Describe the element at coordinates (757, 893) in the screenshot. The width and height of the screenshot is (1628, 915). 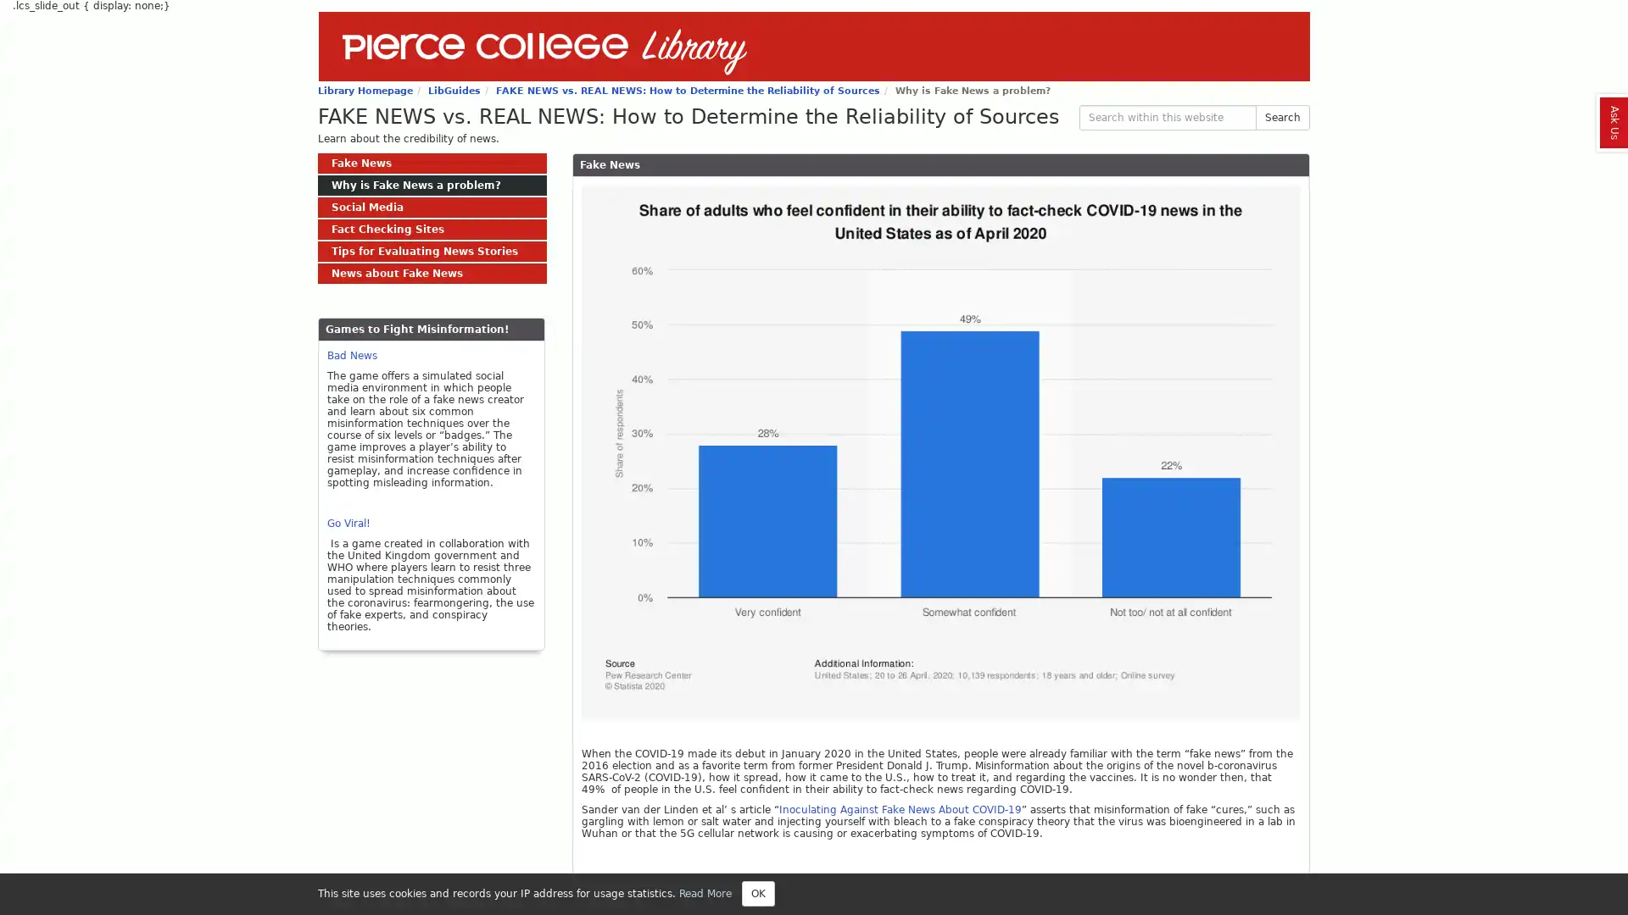
I see `Close` at that location.